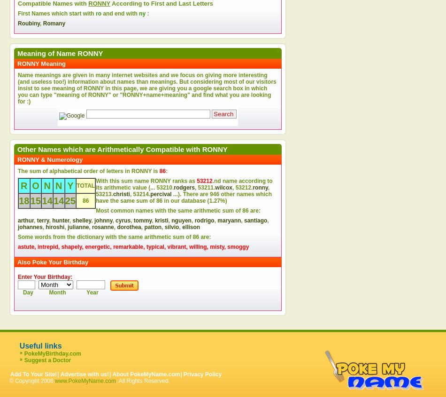 The height and width of the screenshot is (397, 446). I want to click on 'other names which have the same sum of', so click(95, 197).